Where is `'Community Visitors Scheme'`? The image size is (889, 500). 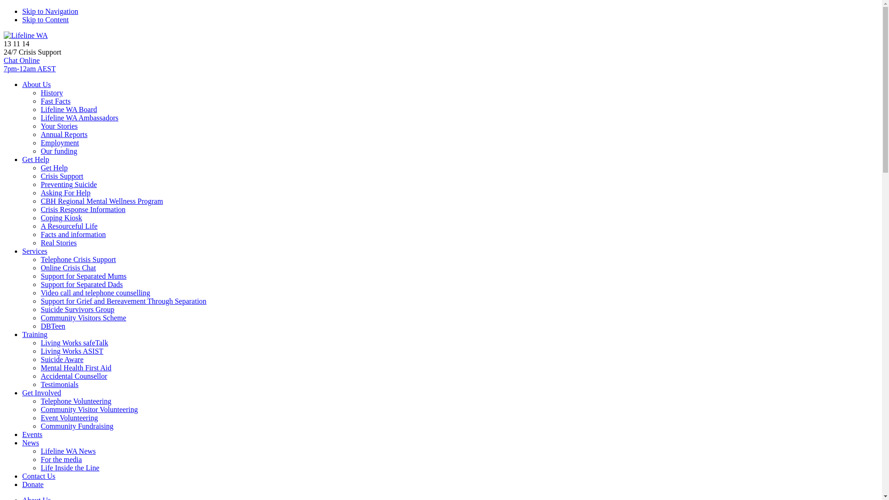 'Community Visitors Scheme' is located at coordinates (83, 317).